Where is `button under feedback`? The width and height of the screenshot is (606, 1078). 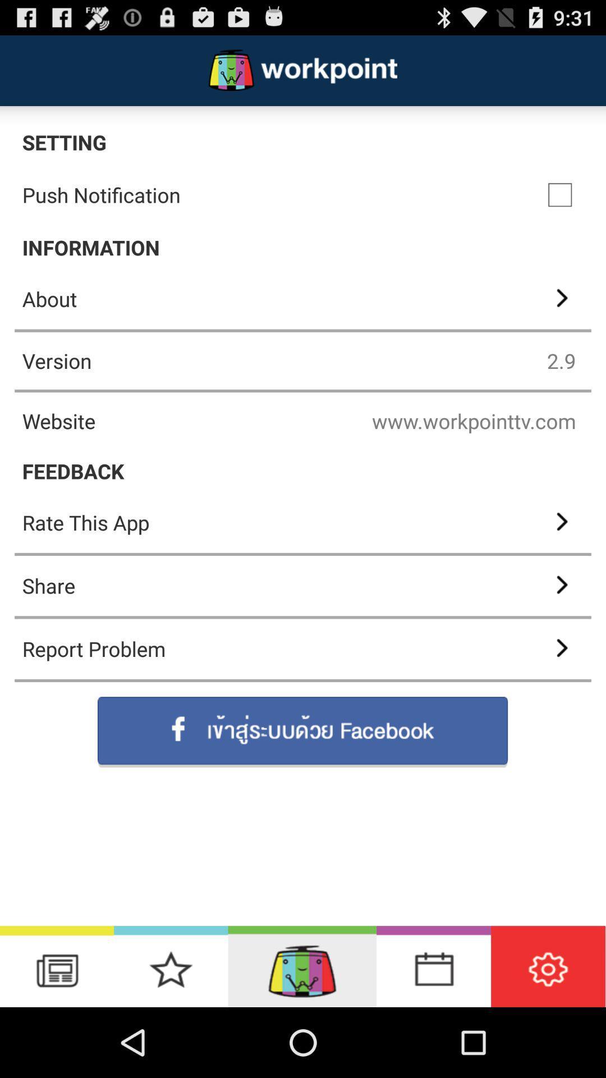
button under feedback is located at coordinates (303, 522).